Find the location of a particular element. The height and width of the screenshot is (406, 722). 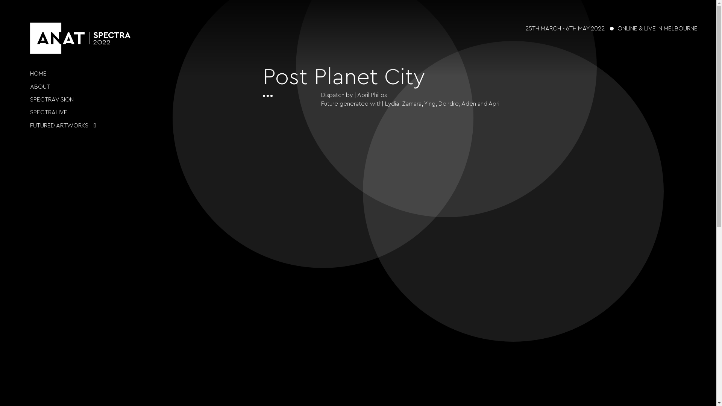

'SPECTRAVISION' is located at coordinates (30, 99).